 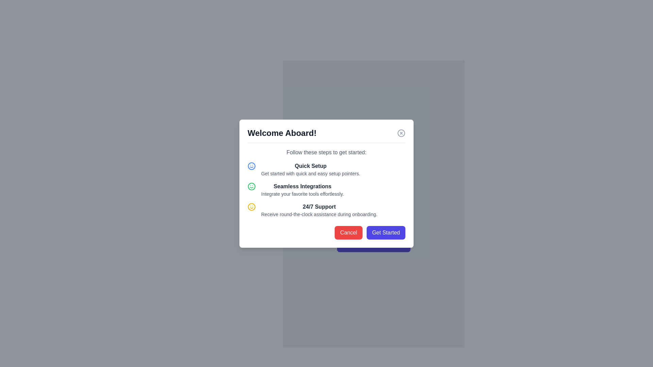 I want to click on the descriptions or icons in the informational list section located within the centered pop-up modal, positioned under the 'Follow these steps to get started:' text, so click(x=326, y=190).